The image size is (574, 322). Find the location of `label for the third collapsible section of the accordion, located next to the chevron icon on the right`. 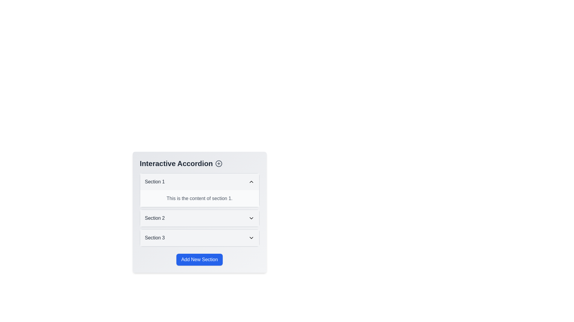

label for the third collapsible section of the accordion, located next to the chevron icon on the right is located at coordinates (155, 238).